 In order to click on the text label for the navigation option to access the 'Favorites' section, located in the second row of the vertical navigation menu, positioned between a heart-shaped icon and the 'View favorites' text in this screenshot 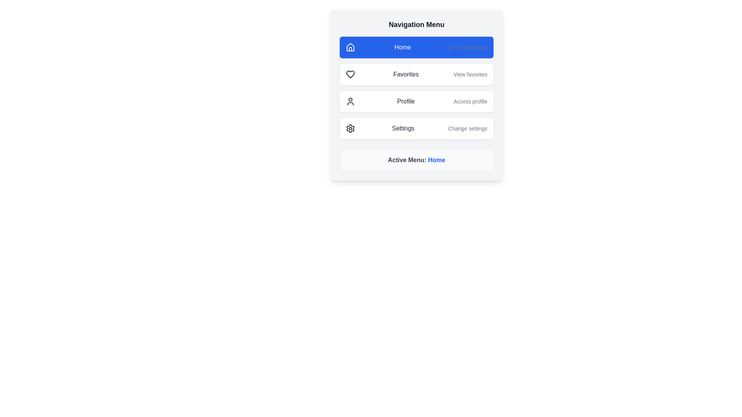, I will do `click(405, 74)`.